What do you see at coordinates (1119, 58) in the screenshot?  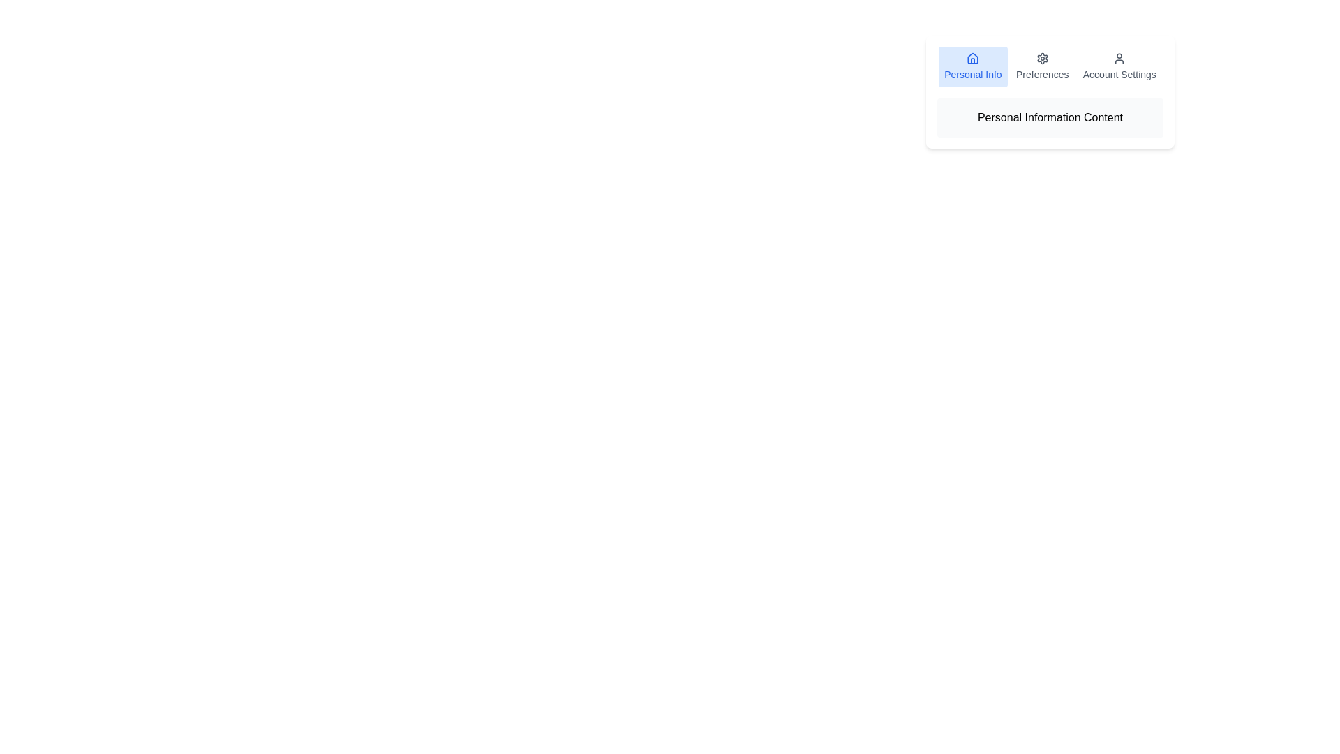 I see `the user profile icon, which is a circular icon with a head and shoulders silhouette, located within the 'Account Settings' button in the top-right corner of the interface` at bounding box center [1119, 58].